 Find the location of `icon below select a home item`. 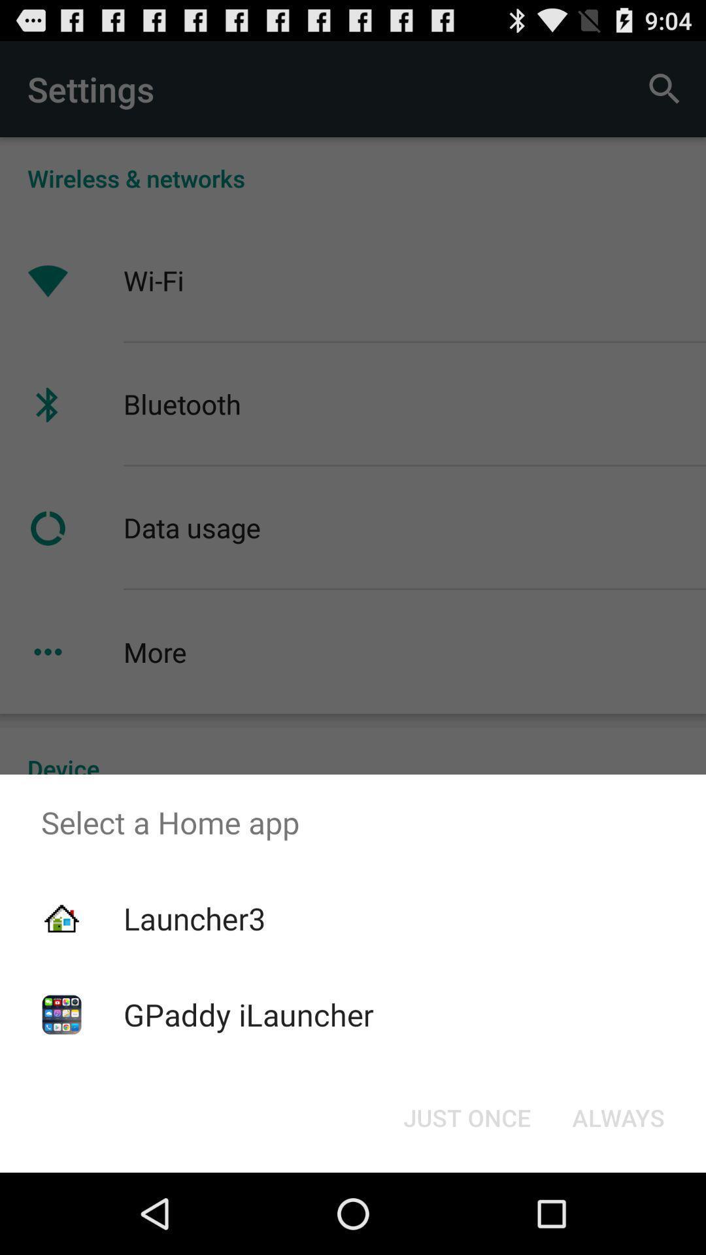

icon below select a home item is located at coordinates (194, 918).